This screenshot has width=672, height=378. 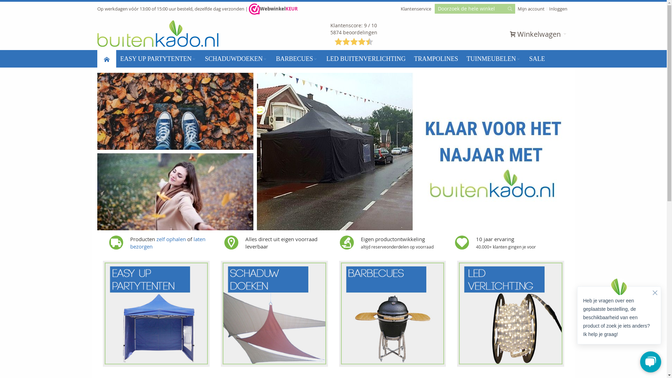 I want to click on 'BARBECUES', so click(x=297, y=58).